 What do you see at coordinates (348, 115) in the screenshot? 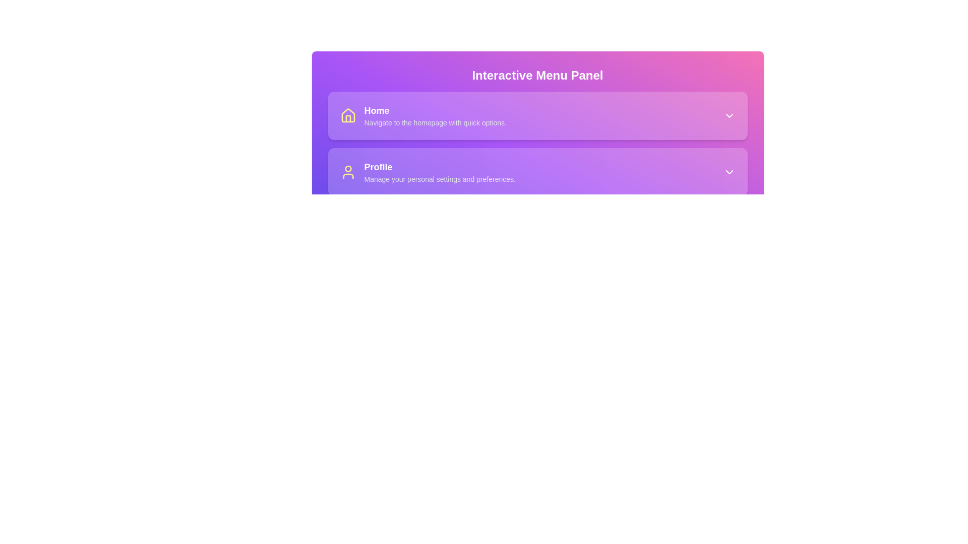
I see `the house icon graphic with a yellow outline on a purple background, located on the left side of the 'Home' option in the interactive menu panel` at bounding box center [348, 115].